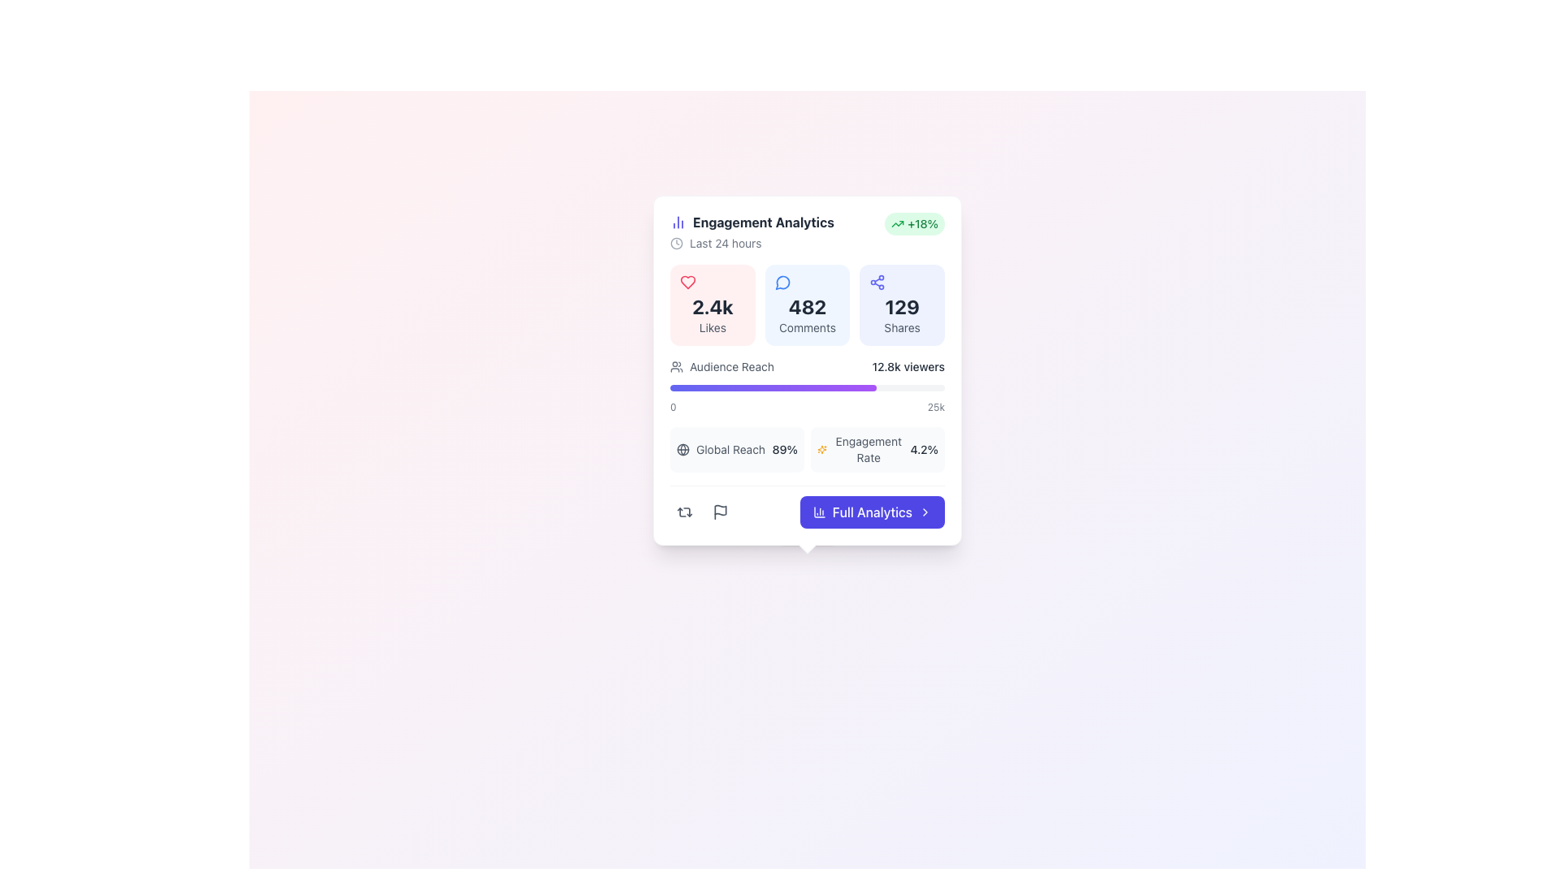 Image resolution: width=1560 pixels, height=877 pixels. I want to click on the 'Full Analytics' text label located on the blue button at the bottom of the analytics card, so click(871, 512).